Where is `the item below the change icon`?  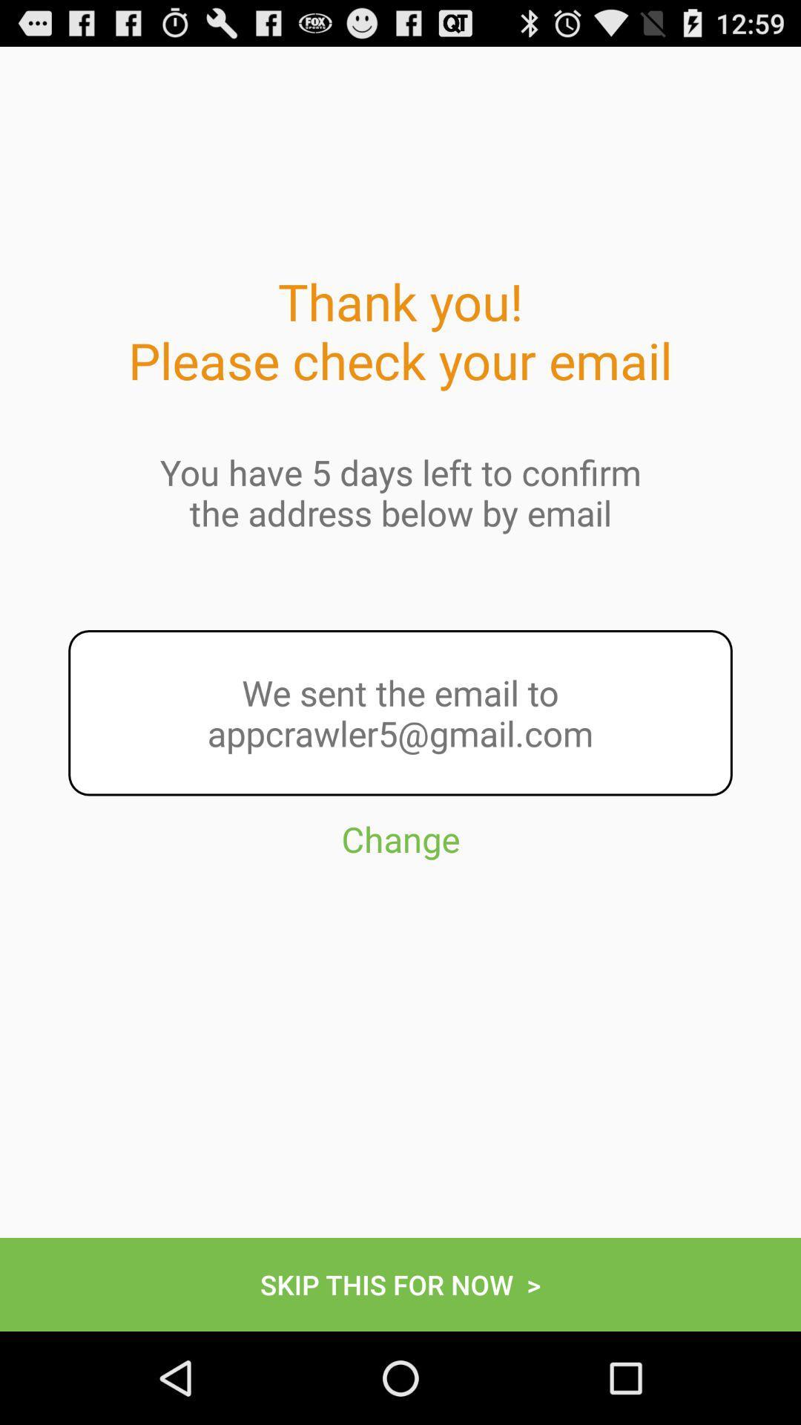 the item below the change icon is located at coordinates (400, 1284).